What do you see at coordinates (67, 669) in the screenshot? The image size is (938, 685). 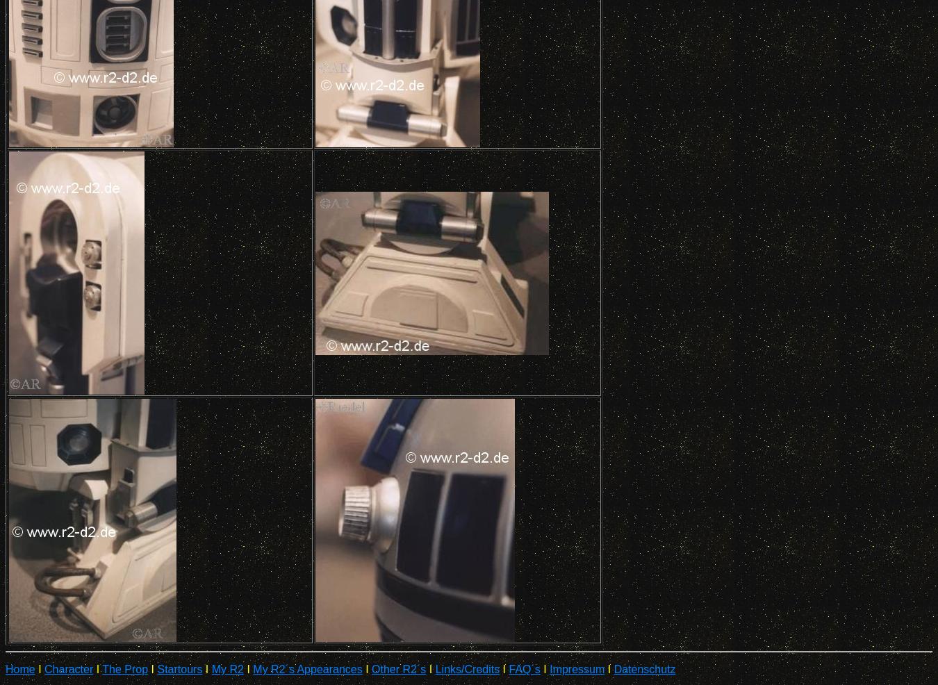 I see `'Character'` at bounding box center [67, 669].